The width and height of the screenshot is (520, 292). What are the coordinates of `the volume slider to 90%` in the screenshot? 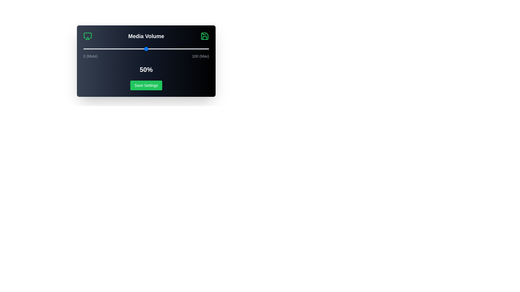 It's located at (196, 49).